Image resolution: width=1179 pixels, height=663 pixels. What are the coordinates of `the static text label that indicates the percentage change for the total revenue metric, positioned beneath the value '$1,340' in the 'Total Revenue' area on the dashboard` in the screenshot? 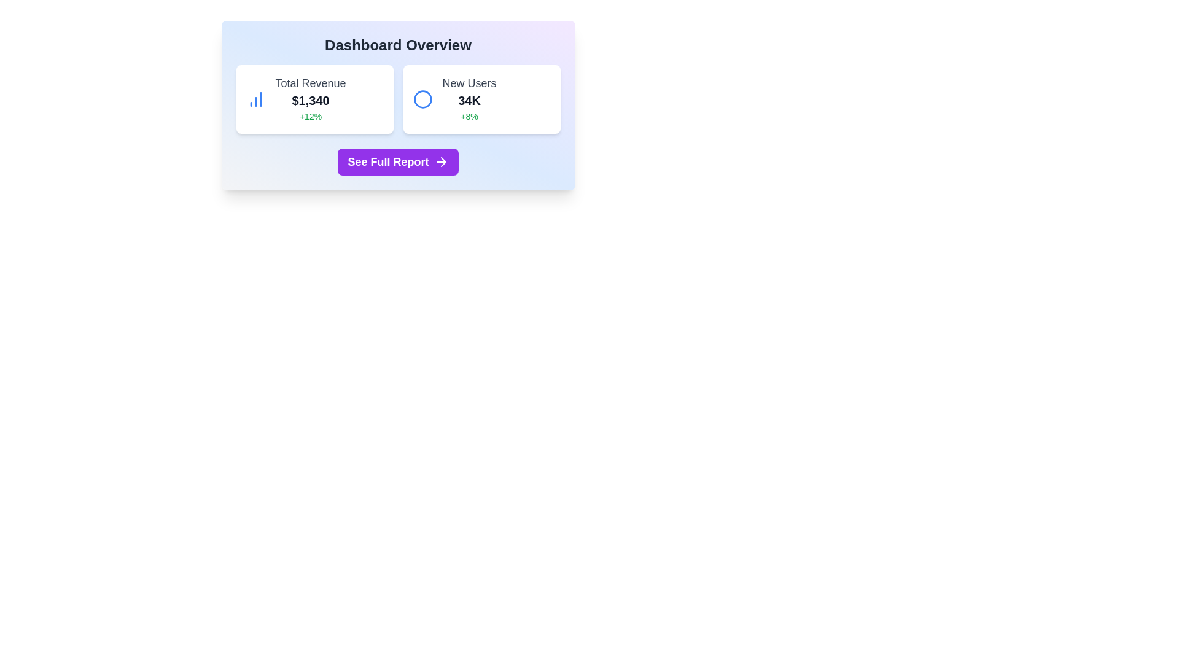 It's located at (311, 116).